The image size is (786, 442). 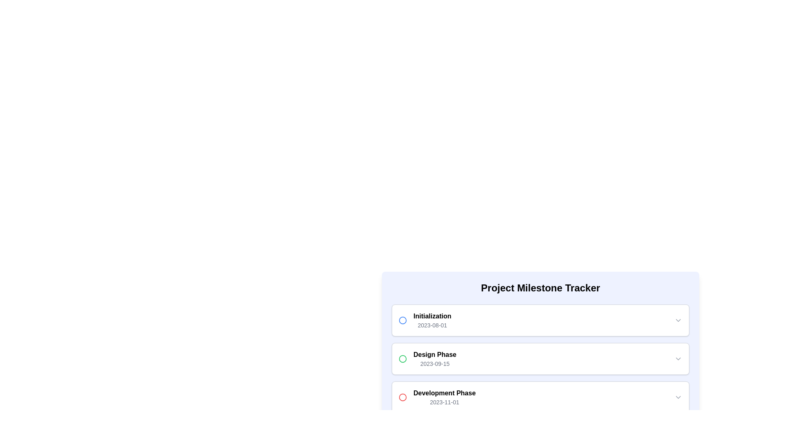 What do you see at coordinates (540, 288) in the screenshot?
I see `the text header 'Project Milestone Tracker', which is styled with a bold, large font and centered alignment on a light blue background` at bounding box center [540, 288].